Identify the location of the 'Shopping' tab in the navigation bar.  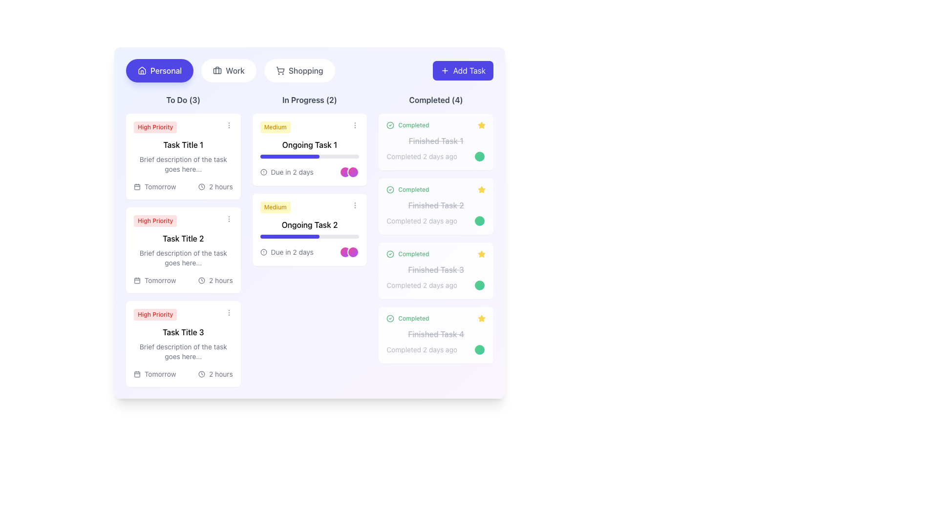
(309, 70).